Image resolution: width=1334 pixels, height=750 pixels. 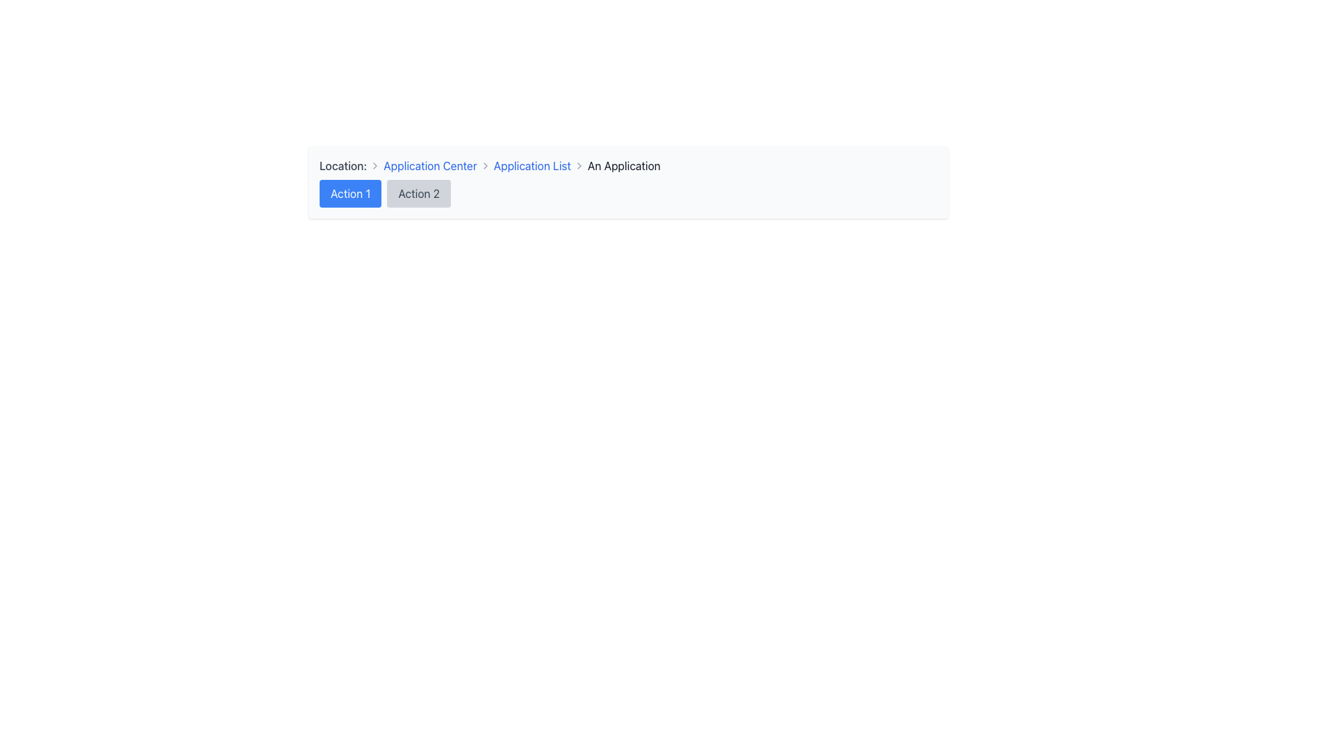 I want to click on the third hyperlink in the breadcrumb navigation bar, which navigates to the 'Application List', so click(x=532, y=165).